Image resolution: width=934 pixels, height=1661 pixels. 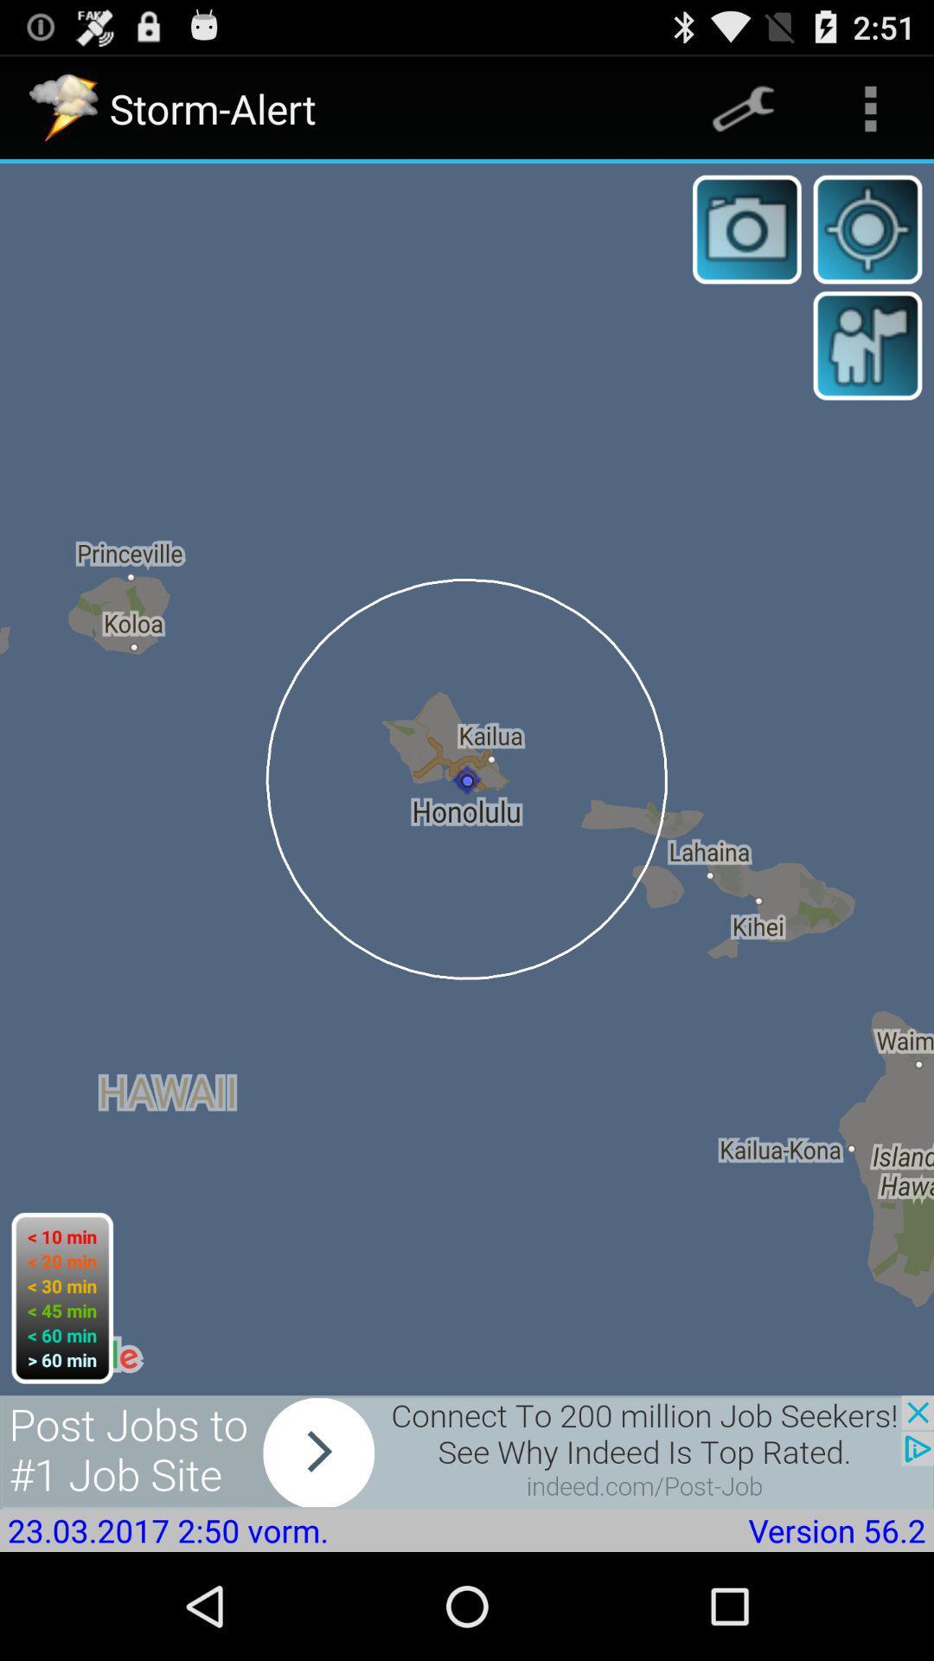 I want to click on display current location, so click(x=867, y=228).